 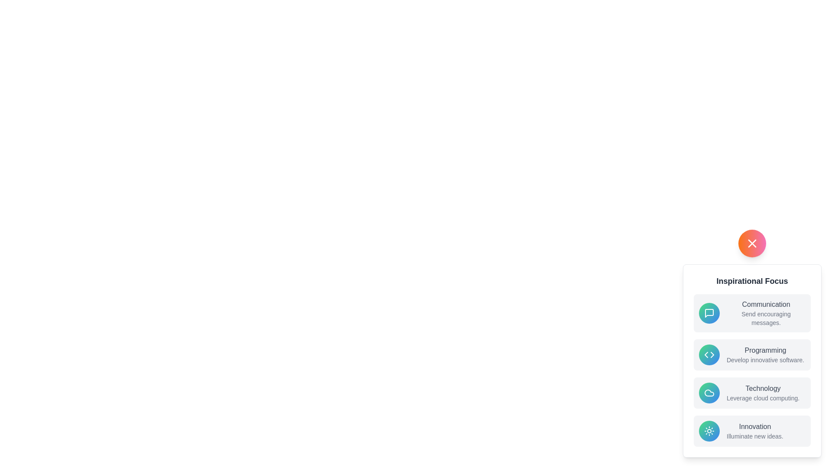 I want to click on the menu option Technology, so click(x=752, y=393).